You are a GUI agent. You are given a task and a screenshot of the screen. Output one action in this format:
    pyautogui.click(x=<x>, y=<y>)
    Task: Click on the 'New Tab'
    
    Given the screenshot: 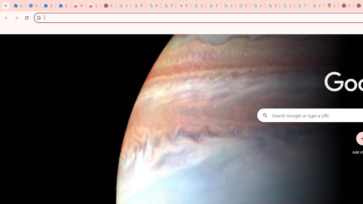 What is the action you would take?
    pyautogui.click(x=108, y=6)
    